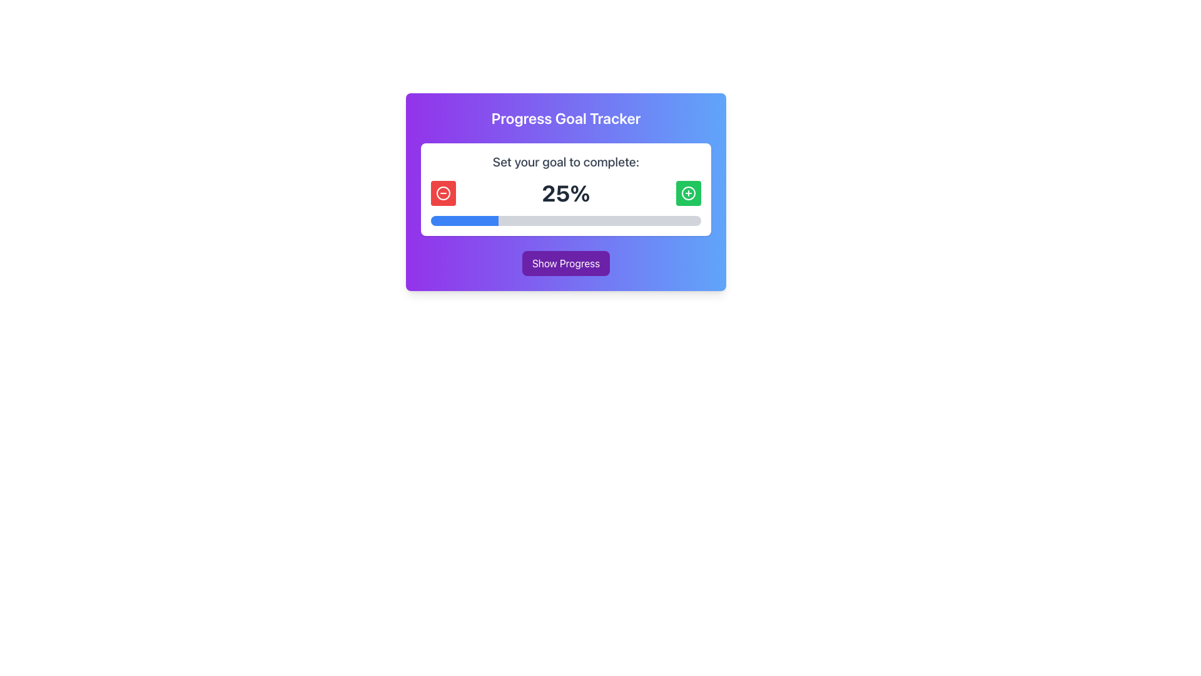  What do you see at coordinates (687, 193) in the screenshot?
I see `the button located to the far right of the progress percentage display ('25%') to increment the progress` at bounding box center [687, 193].